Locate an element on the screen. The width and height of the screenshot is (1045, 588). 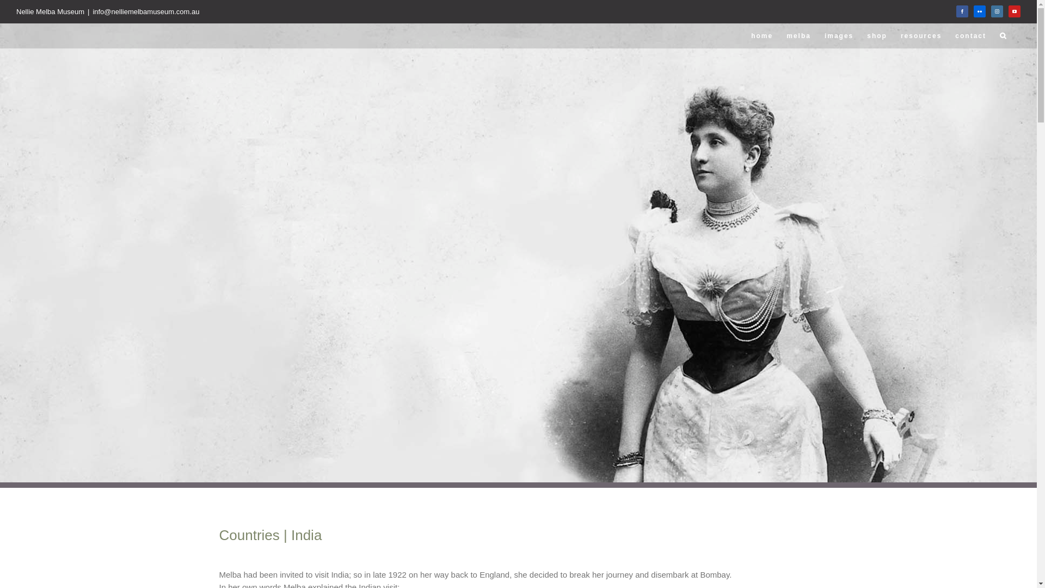
'melba' is located at coordinates (798, 35).